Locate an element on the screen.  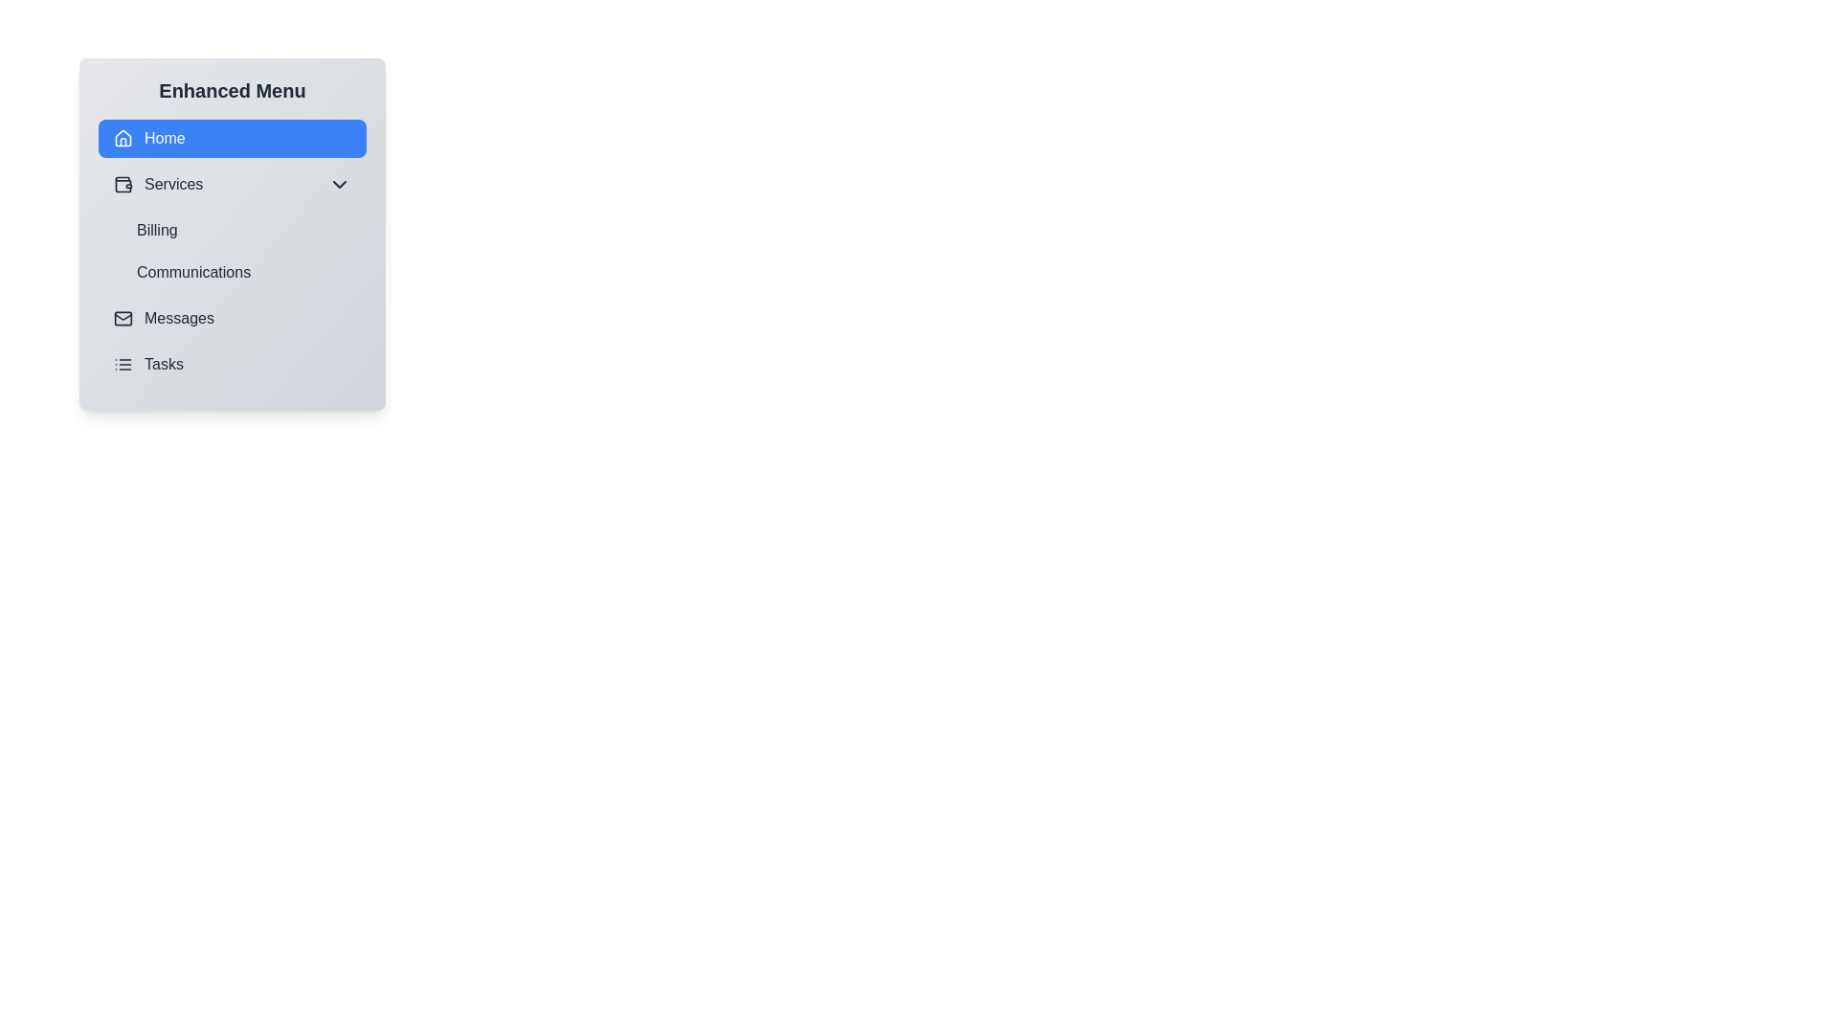
the 'Services' menu item link, which is the second entry in the vertical menu below 'Home' is located at coordinates (158, 184).